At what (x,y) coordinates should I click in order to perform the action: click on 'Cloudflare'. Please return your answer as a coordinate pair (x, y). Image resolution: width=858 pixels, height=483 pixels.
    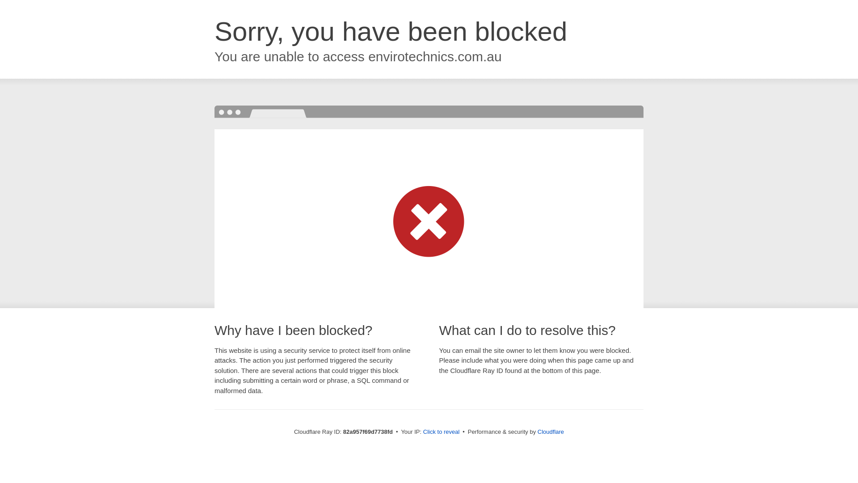
    Looking at the image, I should click on (550, 431).